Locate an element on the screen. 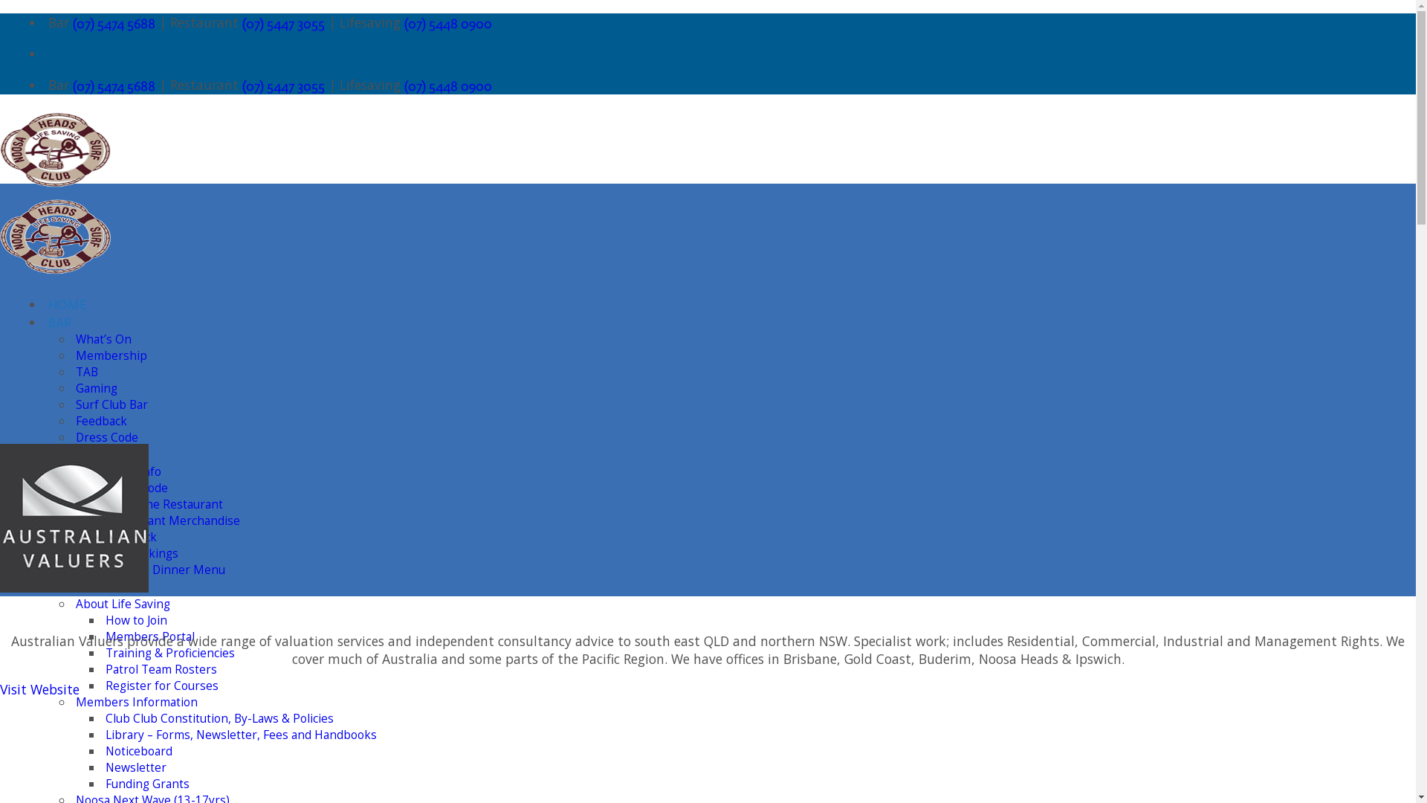 This screenshot has width=1427, height=803. '(07) 5474 5688' is located at coordinates (113, 23).